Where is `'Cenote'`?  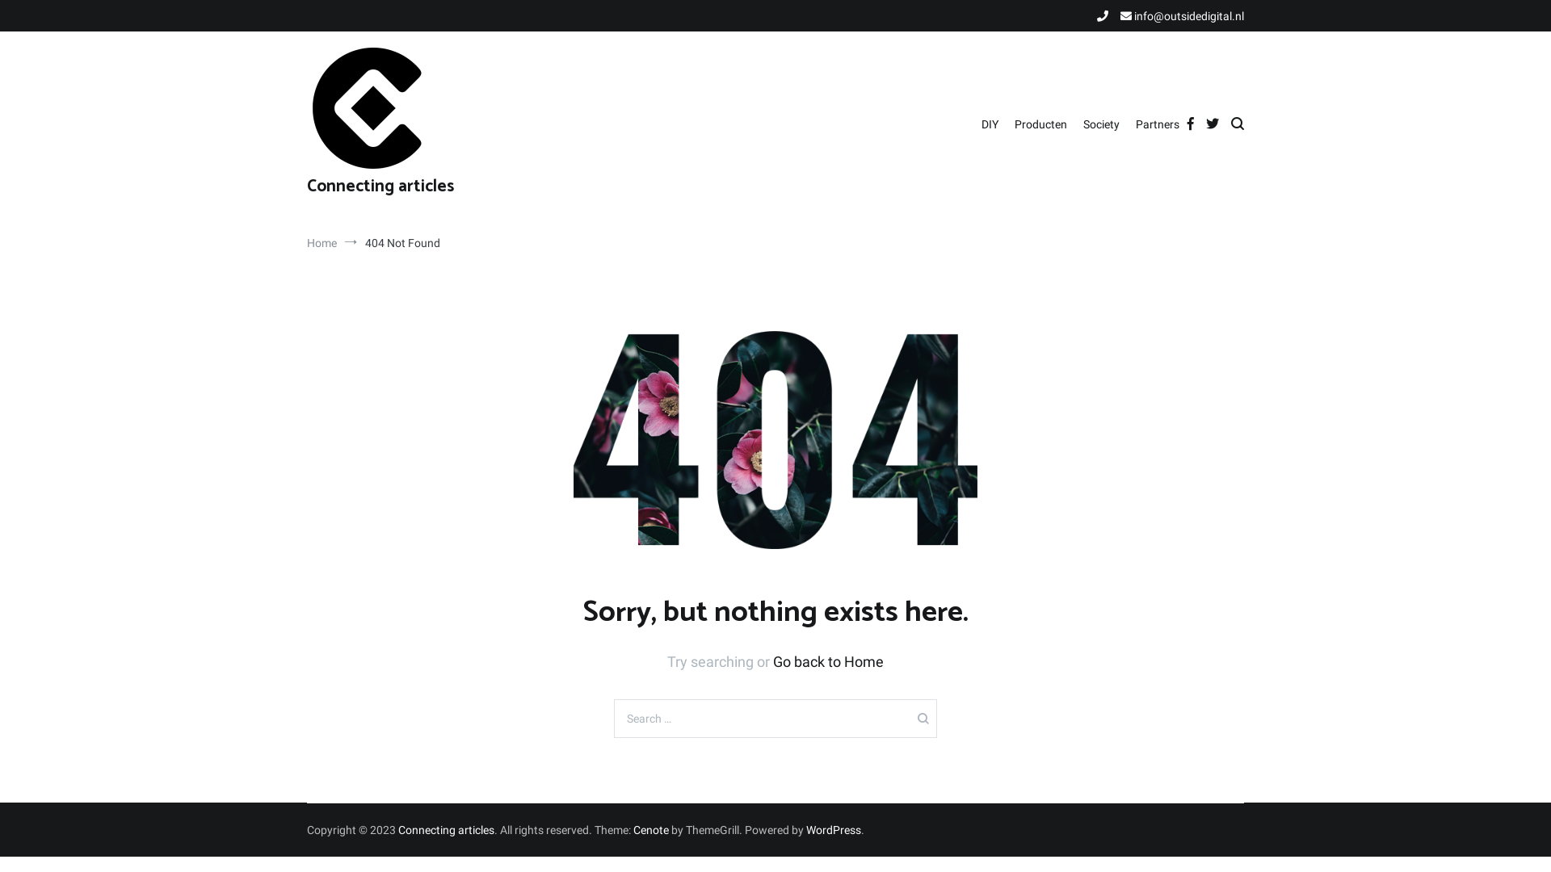
'Cenote' is located at coordinates (632, 830).